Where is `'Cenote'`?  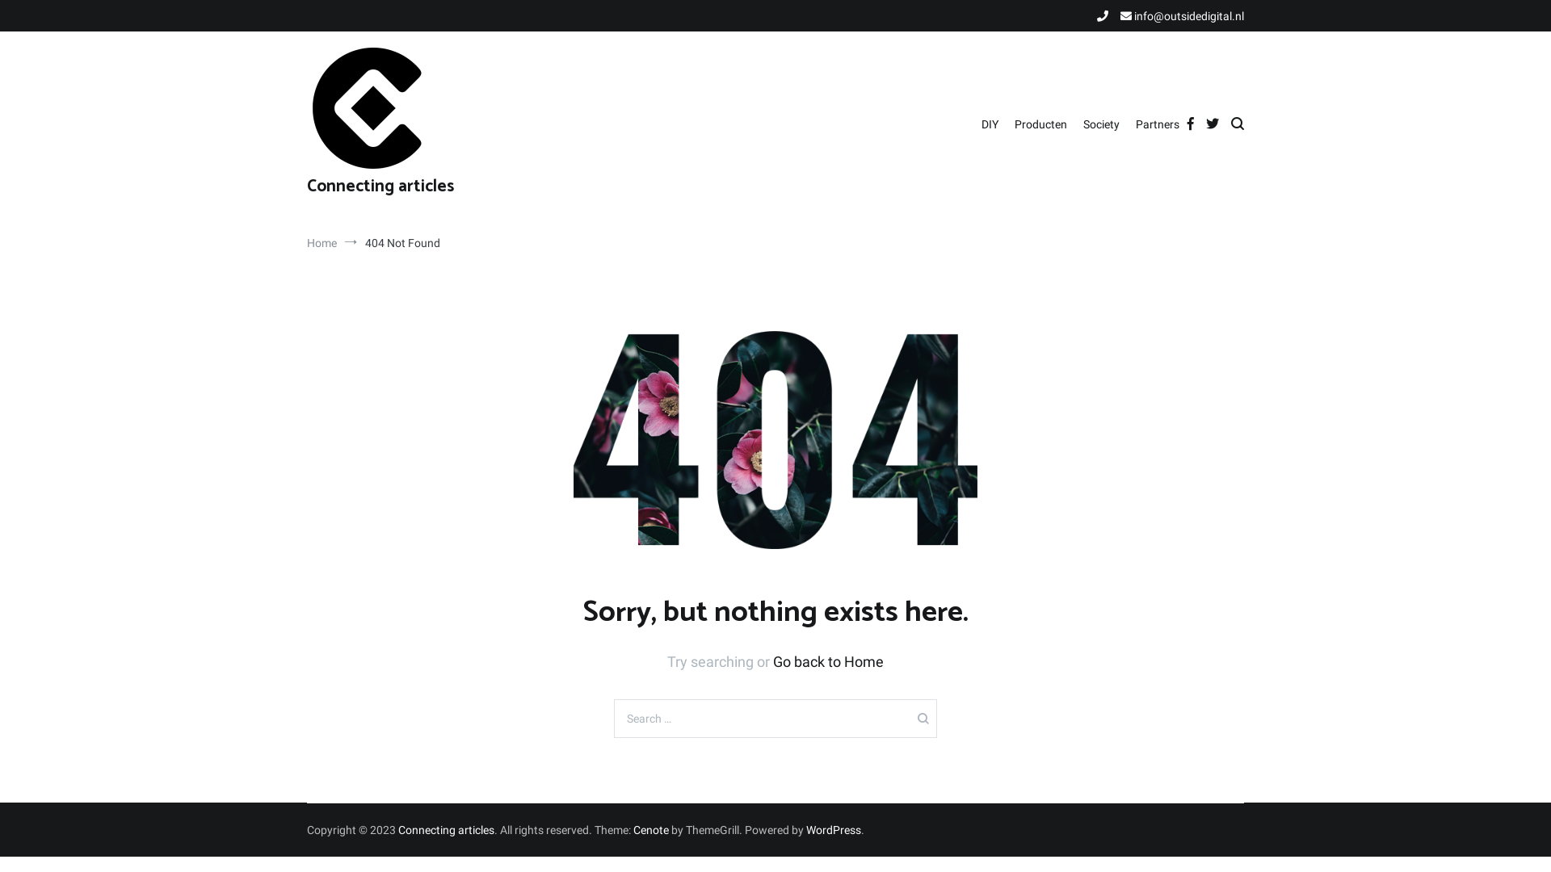
'Cenote' is located at coordinates (632, 830).